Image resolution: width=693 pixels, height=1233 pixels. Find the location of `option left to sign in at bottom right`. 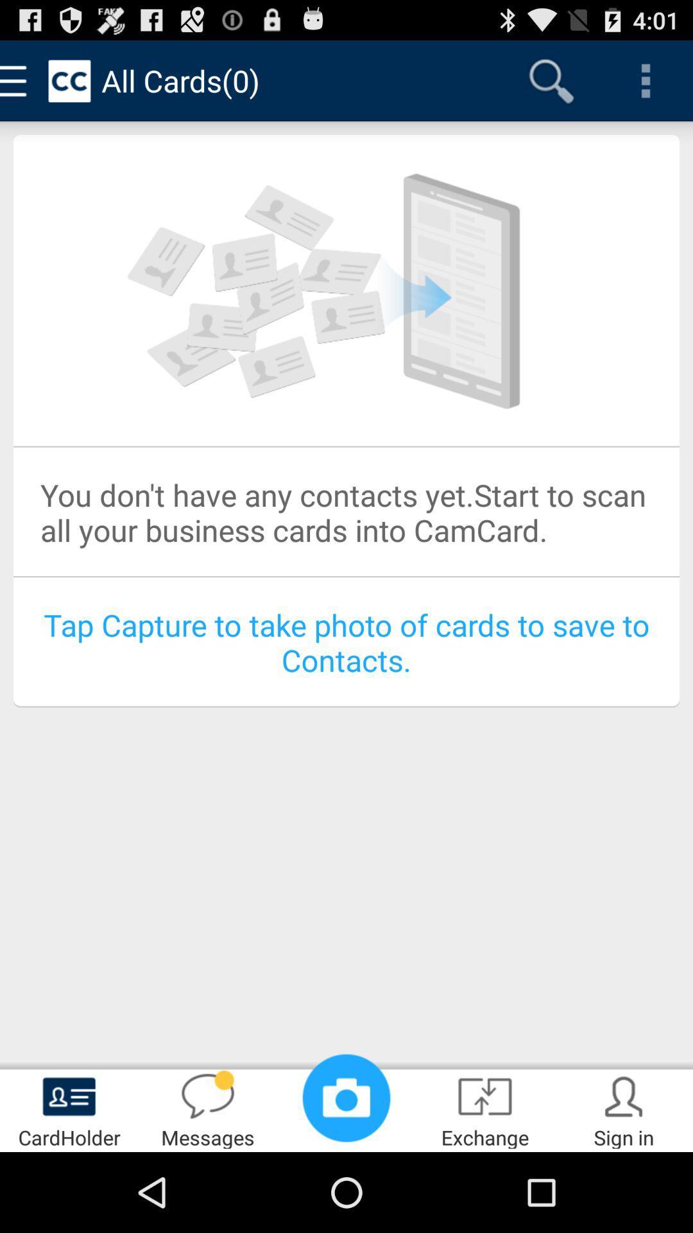

option left to sign in at bottom right is located at coordinates (485, 1108).